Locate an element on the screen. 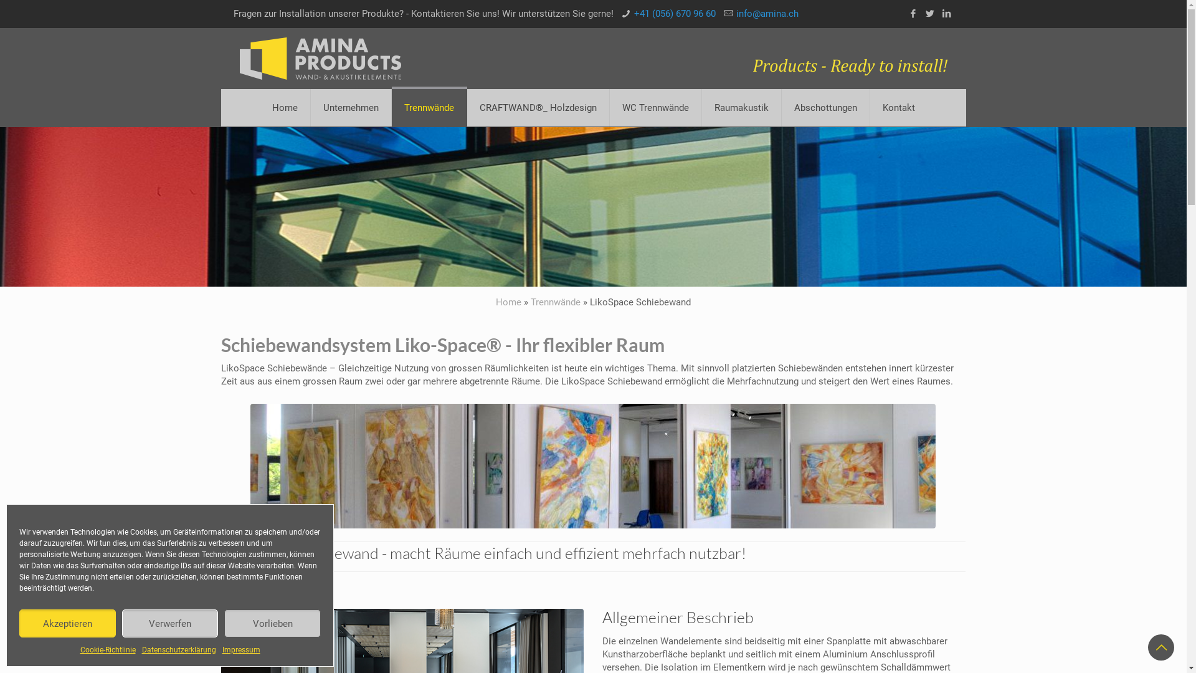 The height and width of the screenshot is (673, 1196). 'Abschottungen' is located at coordinates (825, 107).